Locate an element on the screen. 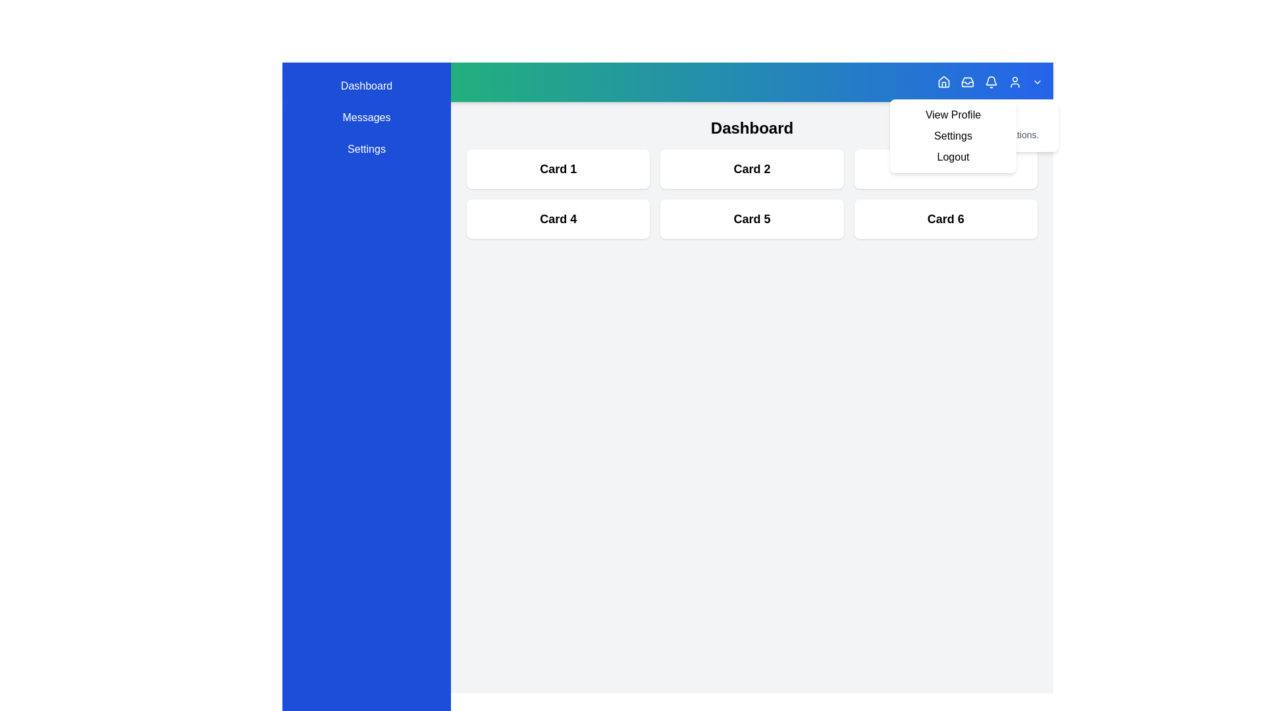 The height and width of the screenshot is (711, 1264). the static text label displaying 'Card 2', which is located at the center of the second card in the top row of the card grid is located at coordinates (752, 169).